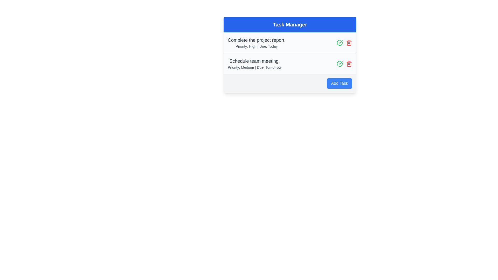 The image size is (498, 280). What do you see at coordinates (256, 43) in the screenshot?
I see `the first task entry under 'Task Manager' to enable editing of the task details including title, priority level, and due date` at bounding box center [256, 43].